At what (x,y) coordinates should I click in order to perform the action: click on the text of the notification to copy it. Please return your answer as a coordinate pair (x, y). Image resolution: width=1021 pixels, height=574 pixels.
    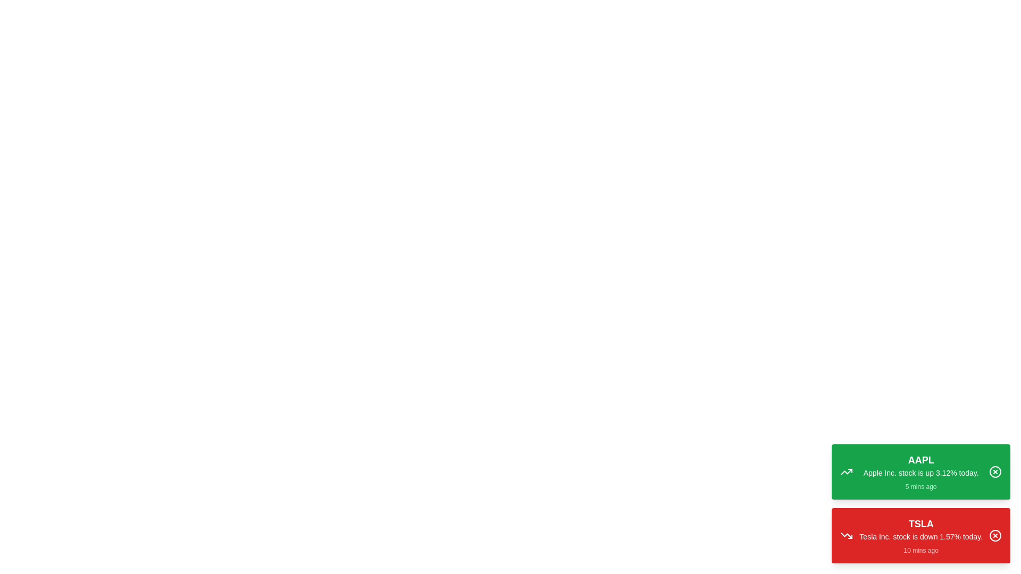
    Looking at the image, I should click on (859, 453).